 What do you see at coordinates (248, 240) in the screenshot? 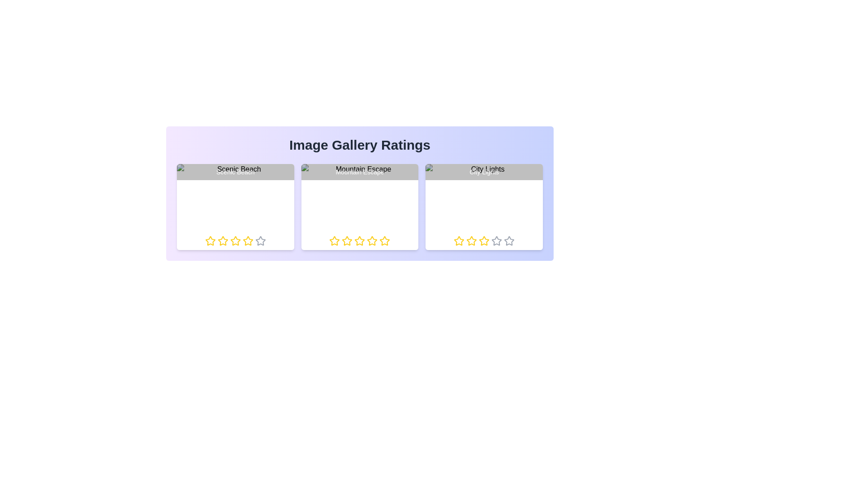
I see `the star corresponding to 4 stars in the rating component` at bounding box center [248, 240].